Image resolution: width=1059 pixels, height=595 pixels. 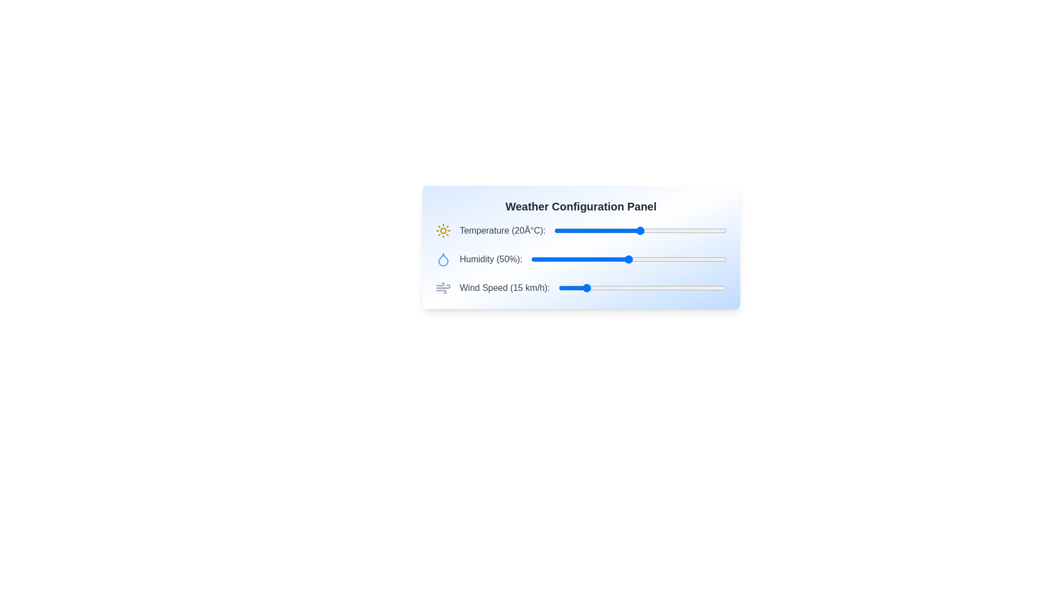 What do you see at coordinates (700, 288) in the screenshot?
I see `the wind speed slider to 85 km/h` at bounding box center [700, 288].